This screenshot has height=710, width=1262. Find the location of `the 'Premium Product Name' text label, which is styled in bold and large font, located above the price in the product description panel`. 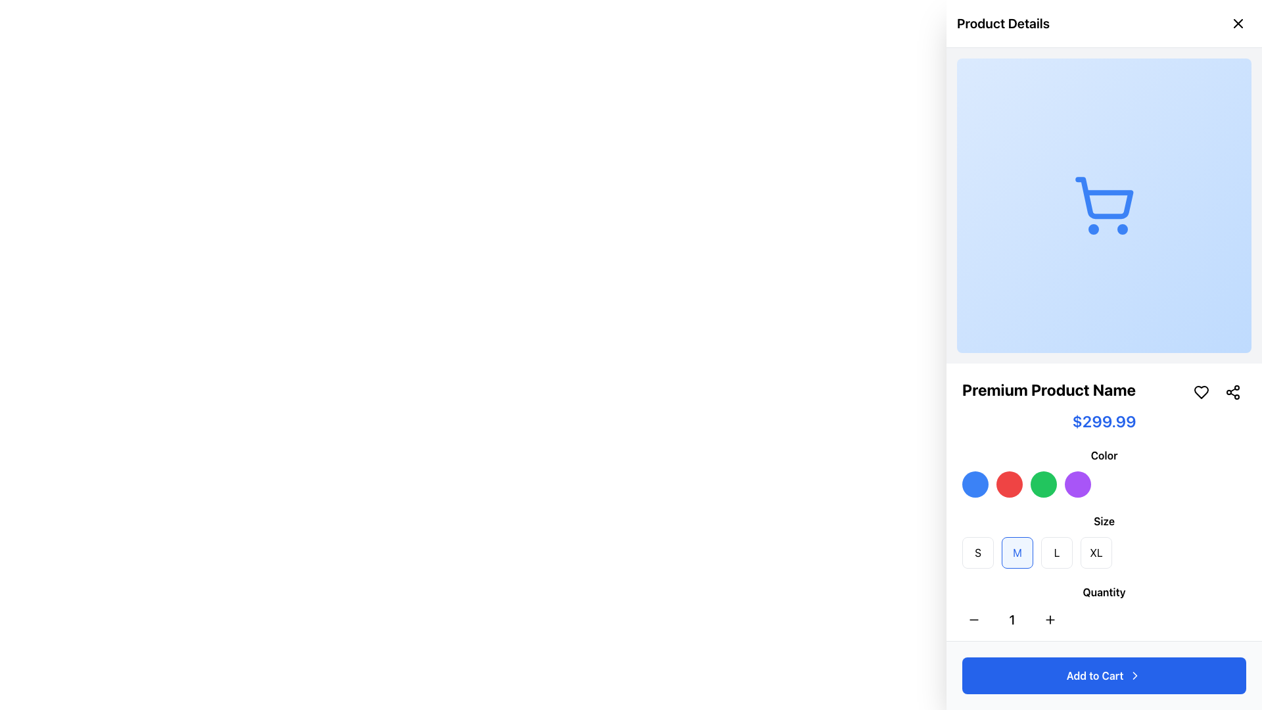

the 'Premium Product Name' text label, which is styled in bold and large font, located above the price in the product description panel is located at coordinates (1048, 389).